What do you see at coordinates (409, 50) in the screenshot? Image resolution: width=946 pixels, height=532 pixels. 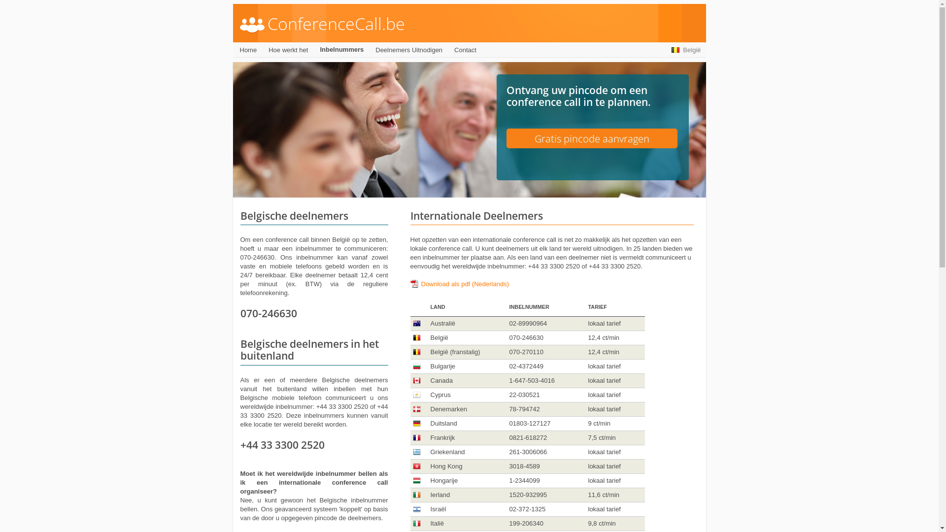 I see `'Deelnemers Uitnodigen'` at bounding box center [409, 50].